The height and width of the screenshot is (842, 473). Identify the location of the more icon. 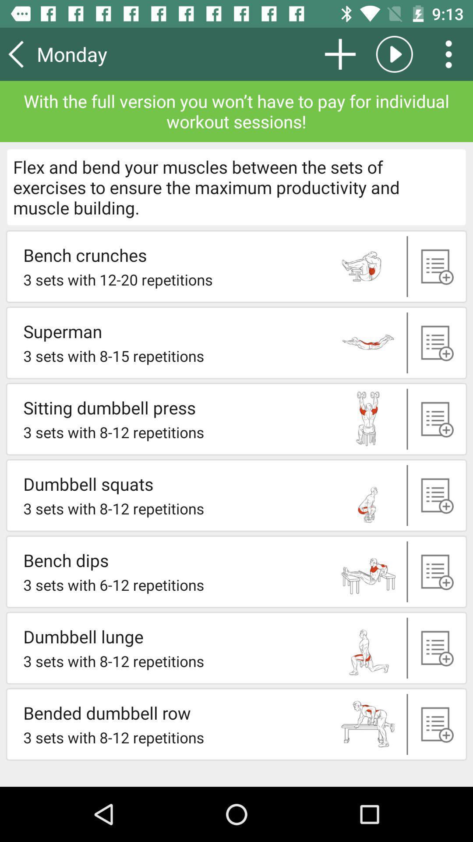
(452, 54).